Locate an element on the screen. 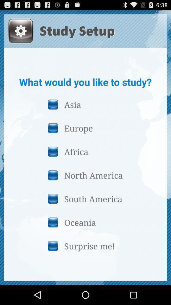 This screenshot has height=305, width=171. the button above the africa is located at coordinates (85, 128).